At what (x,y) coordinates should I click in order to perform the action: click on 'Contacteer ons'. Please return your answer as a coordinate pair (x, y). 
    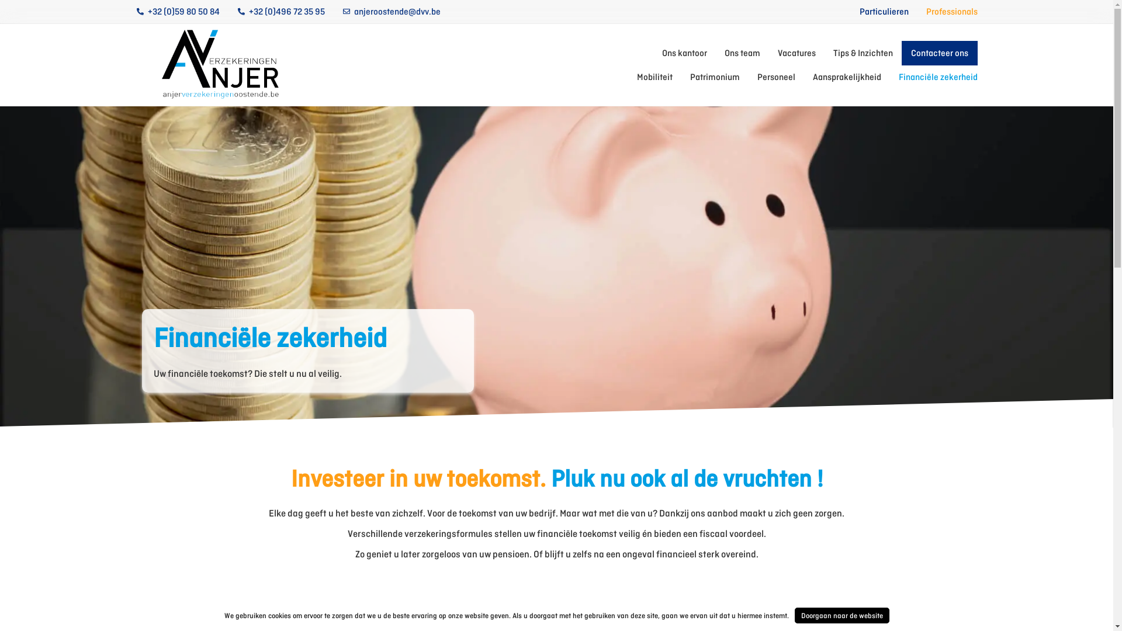
    Looking at the image, I should click on (939, 53).